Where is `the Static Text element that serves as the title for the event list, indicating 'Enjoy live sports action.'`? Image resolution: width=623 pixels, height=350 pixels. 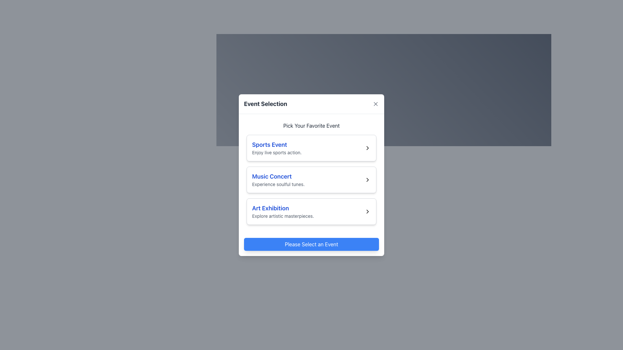
the Static Text element that serves as the title for the event list, indicating 'Enjoy live sports action.' is located at coordinates (277, 144).